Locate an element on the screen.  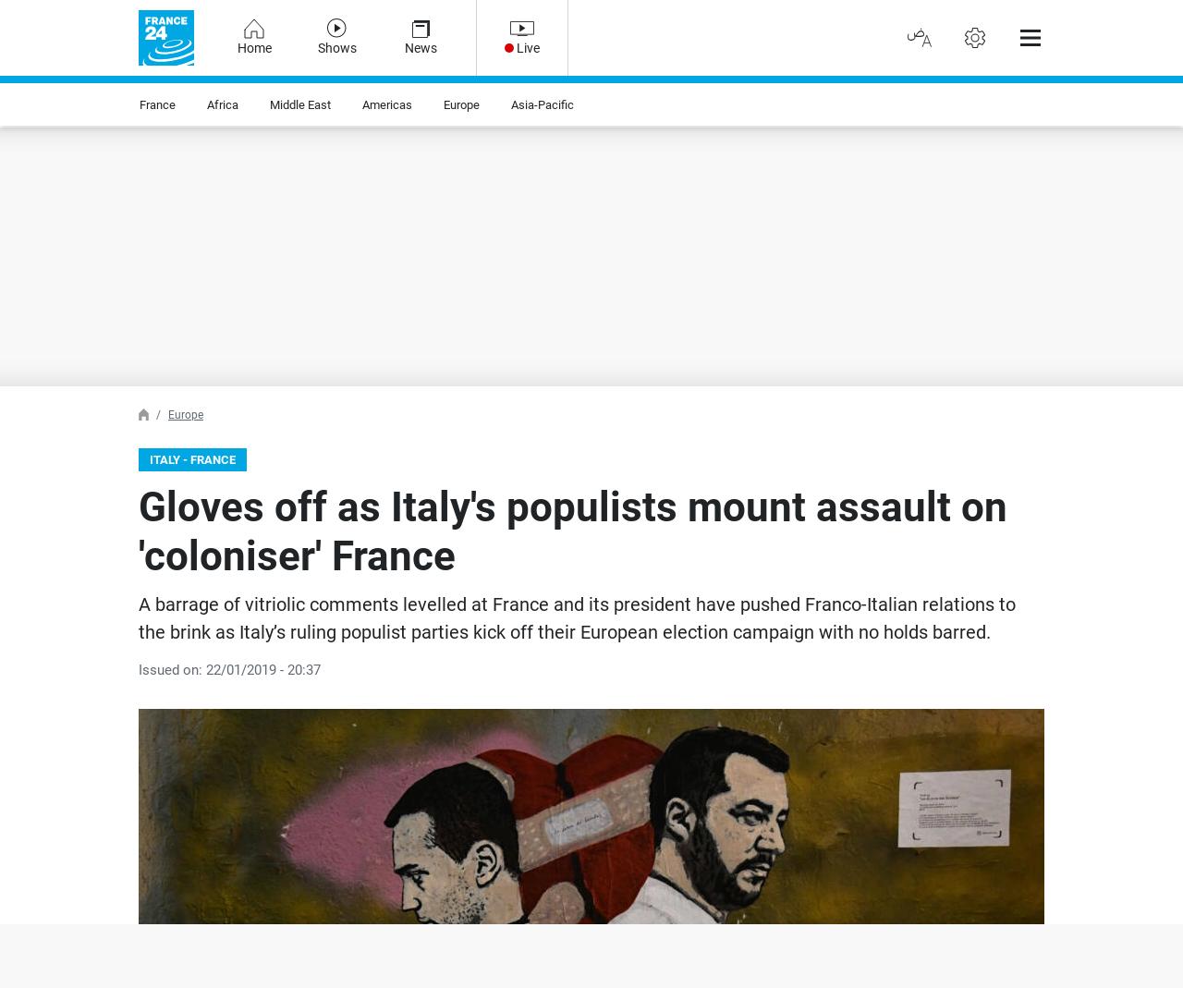
'Asia-Pacific' is located at coordinates (542, 104).